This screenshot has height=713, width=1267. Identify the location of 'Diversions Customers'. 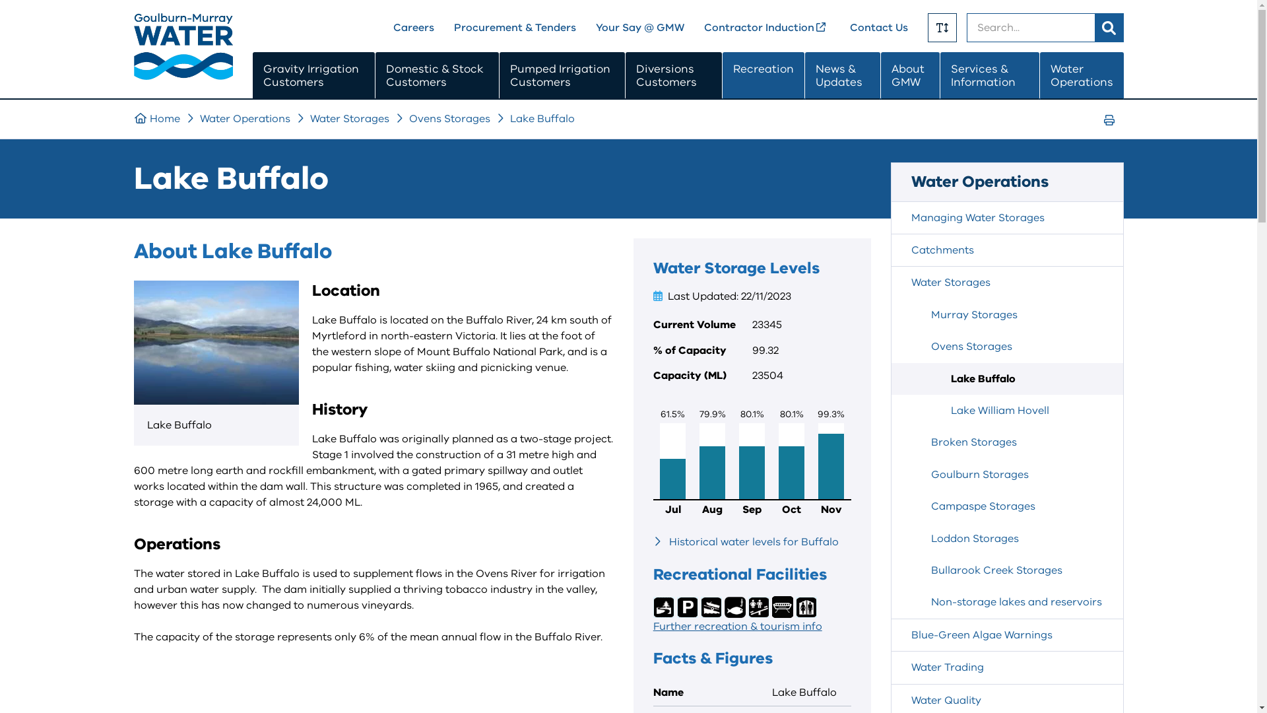
(674, 76).